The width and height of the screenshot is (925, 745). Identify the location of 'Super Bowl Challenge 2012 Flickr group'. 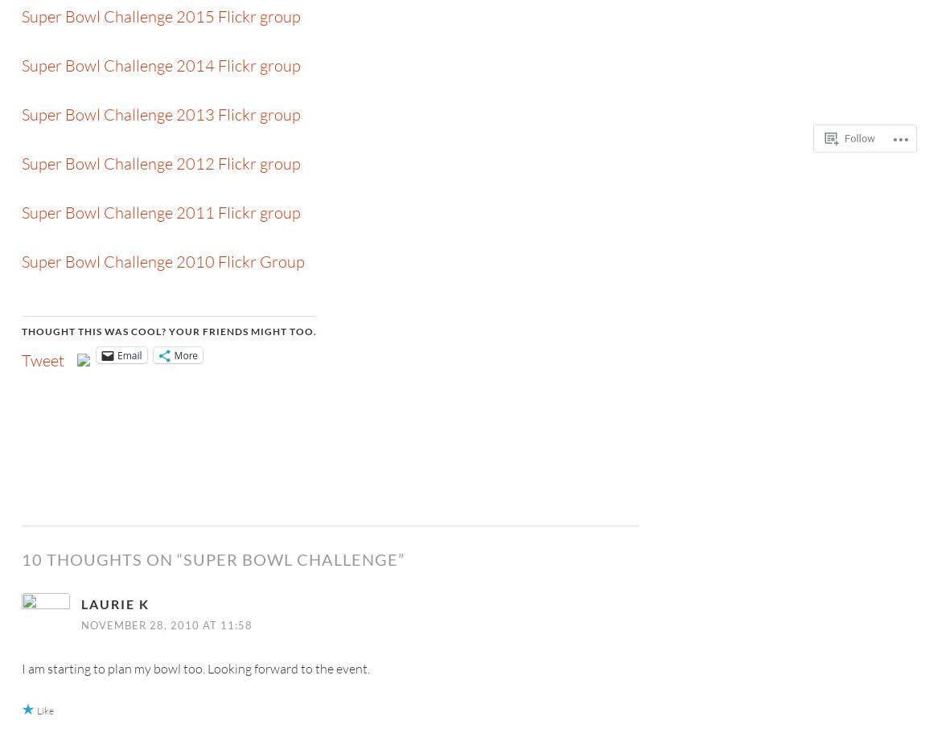
(160, 163).